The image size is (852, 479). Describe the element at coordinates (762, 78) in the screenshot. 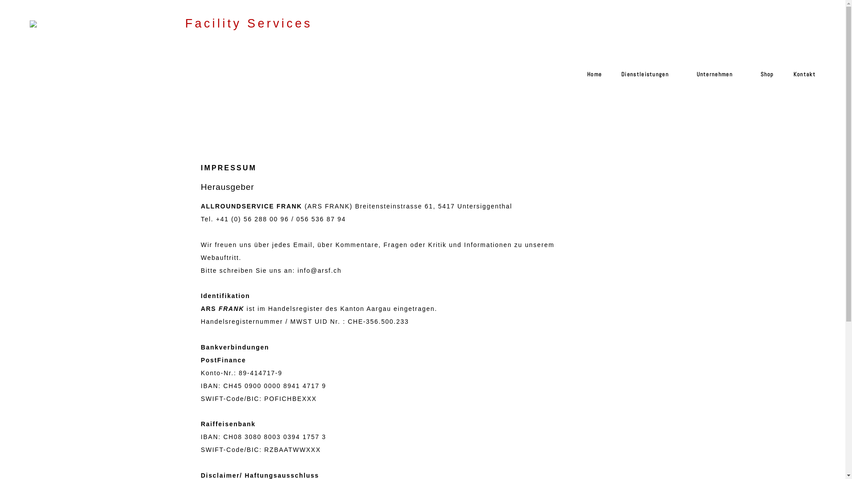

I see `'Shop'` at that location.